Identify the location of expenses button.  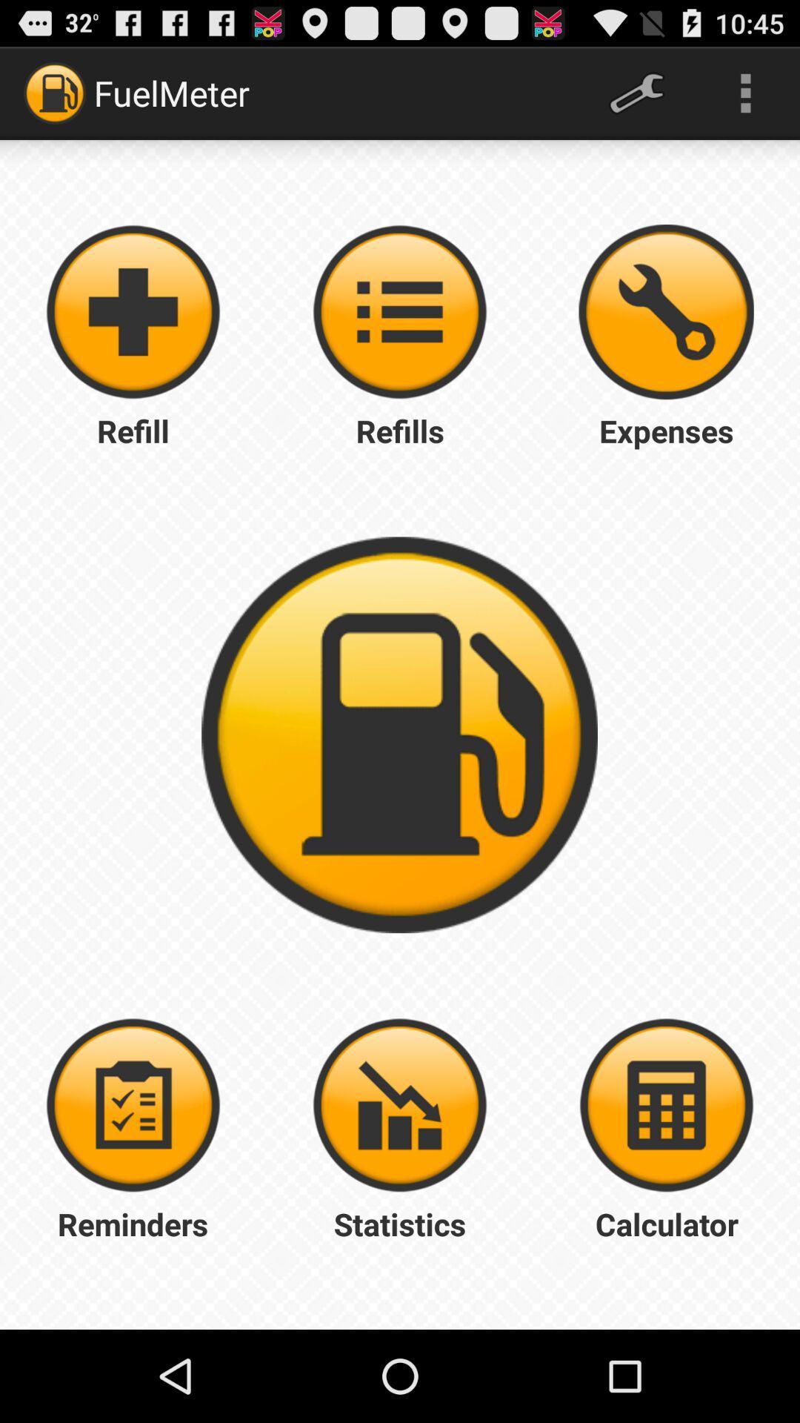
(665, 311).